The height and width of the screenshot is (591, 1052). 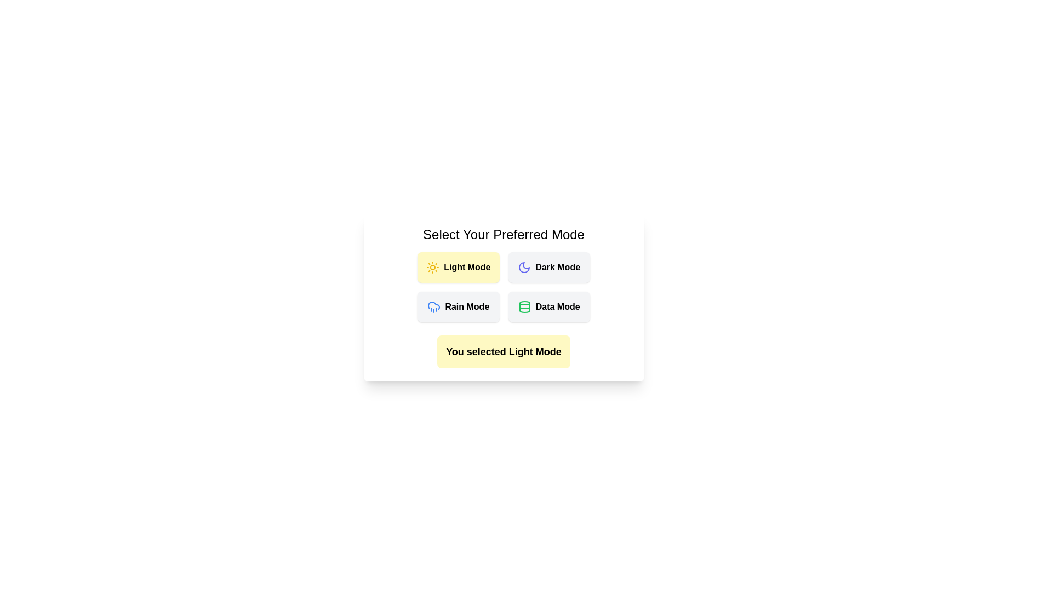 I want to click on the 'Data Mode' button, which is a rounded rectangle with a light gray background and a green database icon, located in the bottom-right position of a 2x2 grid, so click(x=549, y=306).